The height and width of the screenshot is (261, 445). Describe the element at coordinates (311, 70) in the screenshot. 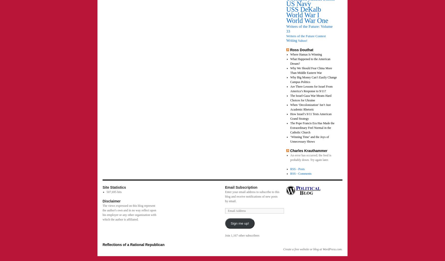

I see `'Why We Should Fear China More Than Middle Eastern War'` at that location.